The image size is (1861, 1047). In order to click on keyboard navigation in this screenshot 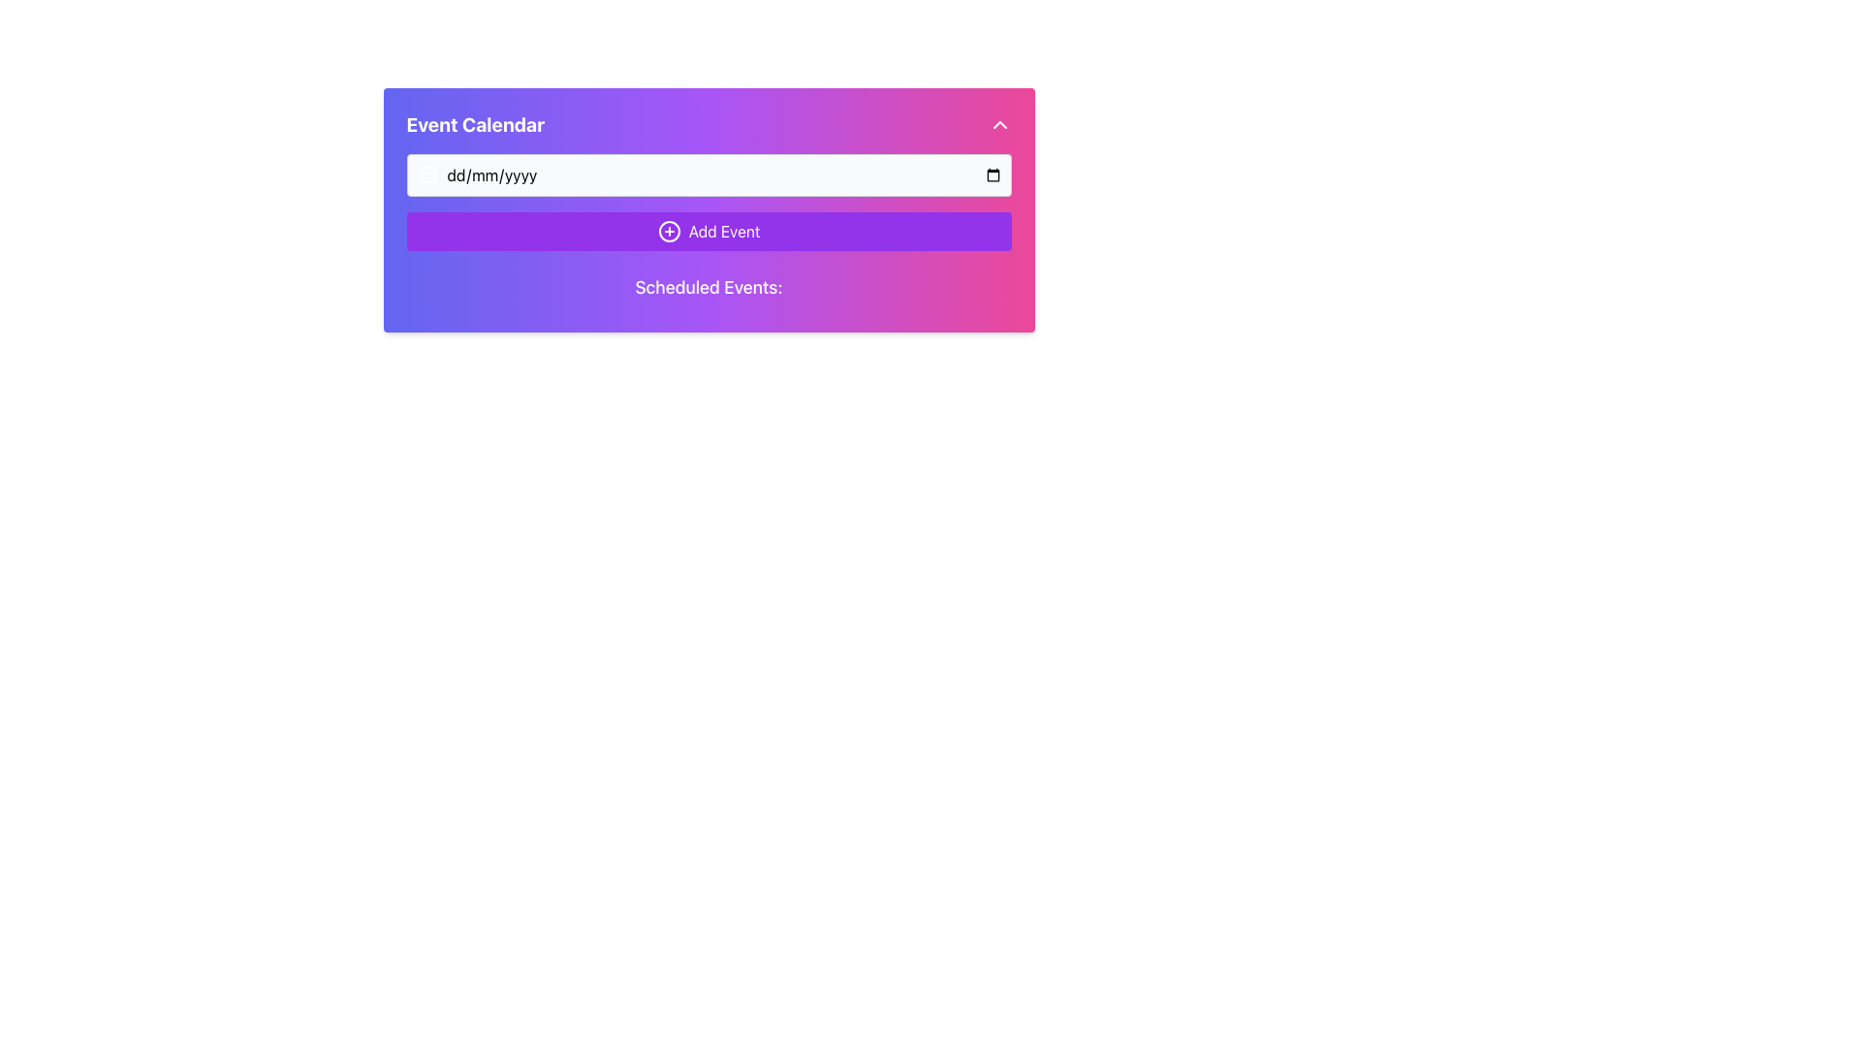, I will do `click(708, 231)`.